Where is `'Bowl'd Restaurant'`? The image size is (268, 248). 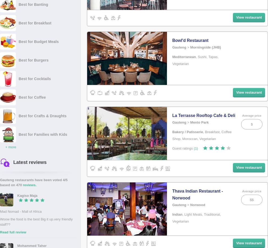 'Bowl'd Restaurant' is located at coordinates (172, 40).